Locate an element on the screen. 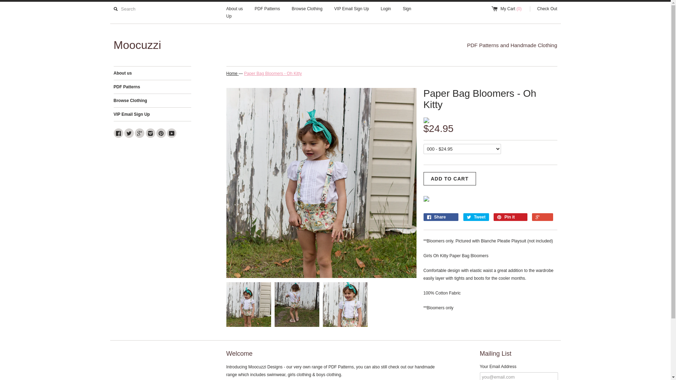 This screenshot has height=380, width=676. 'Check Out' is located at coordinates (543, 9).